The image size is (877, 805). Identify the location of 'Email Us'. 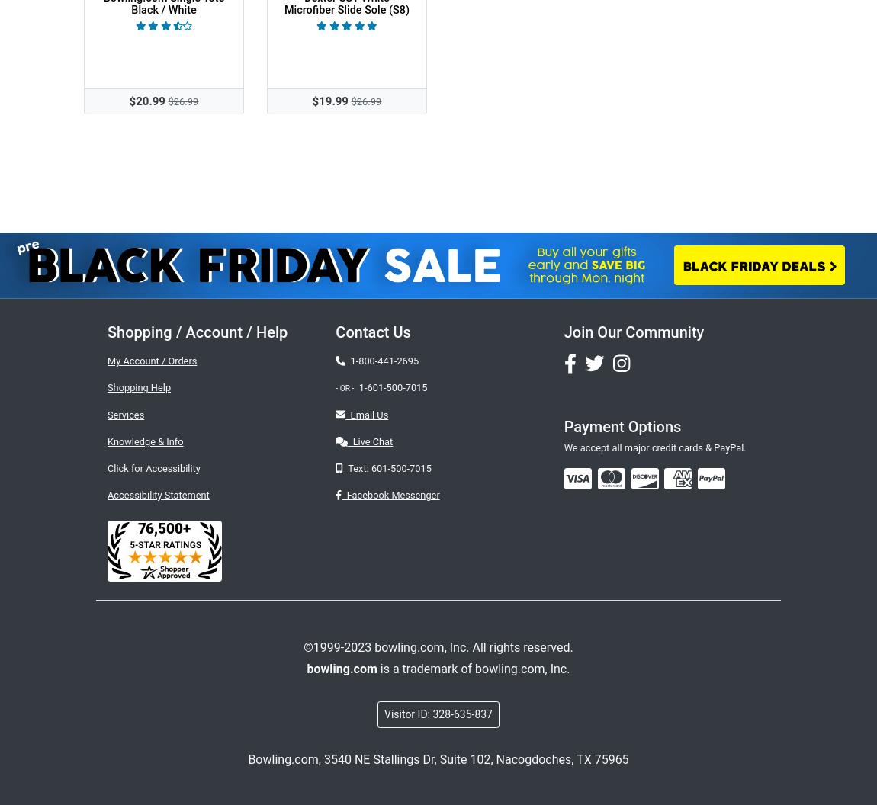
(345, 414).